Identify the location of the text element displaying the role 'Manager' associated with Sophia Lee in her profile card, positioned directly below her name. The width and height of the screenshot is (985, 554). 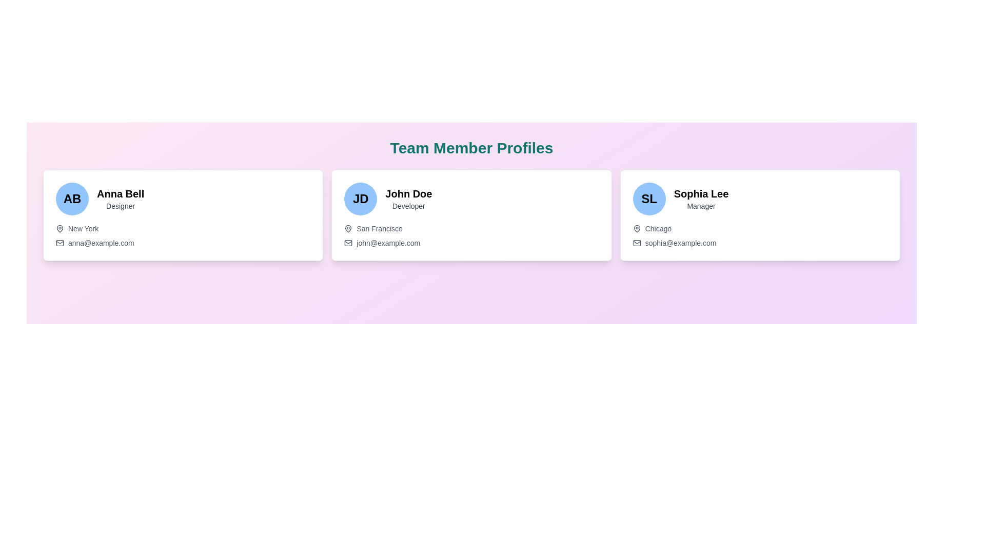
(701, 206).